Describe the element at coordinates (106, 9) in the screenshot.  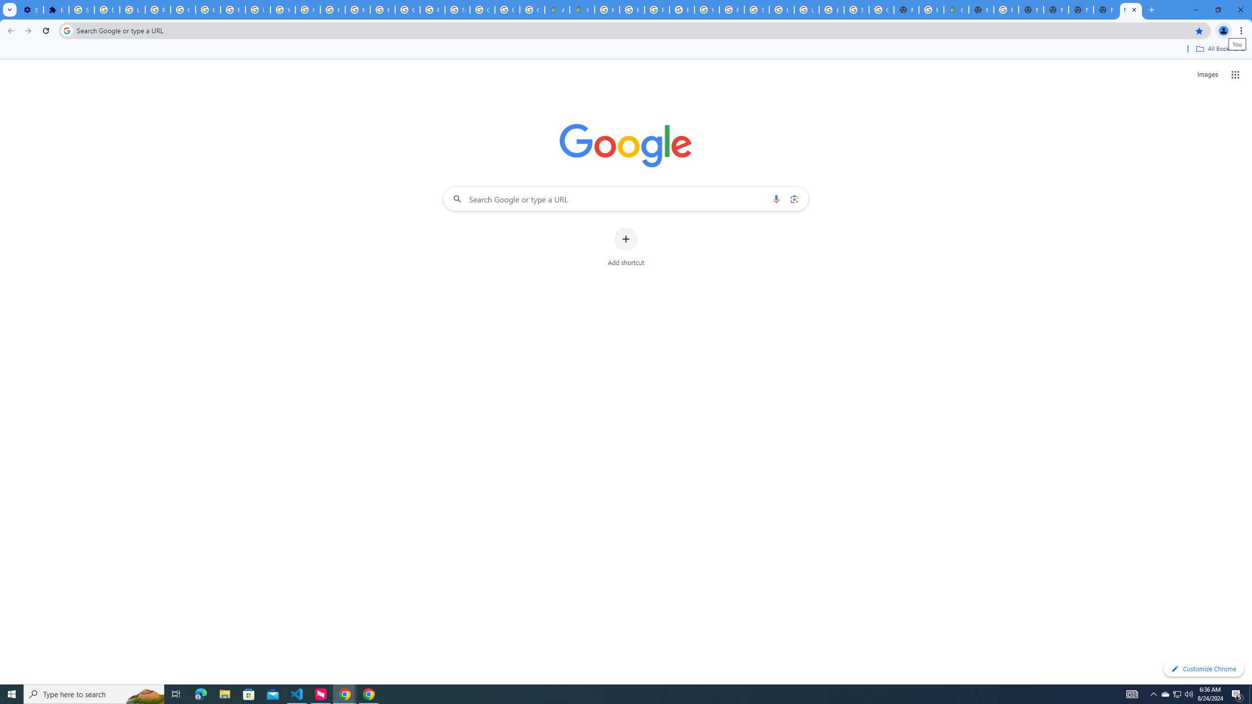
I see `'Delete photos & videos - Computer - Google Photos Help'` at that location.